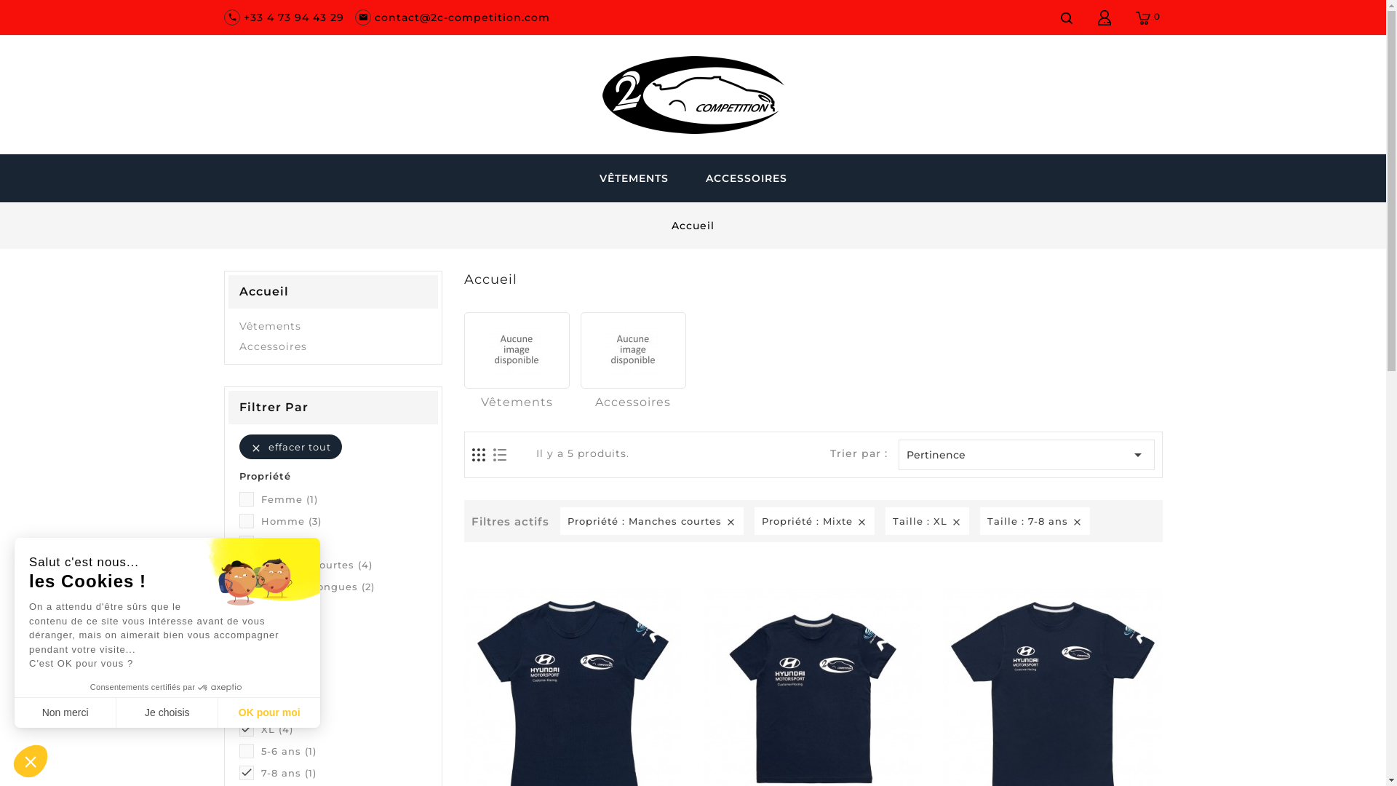 This screenshot has height=786, width=1397. I want to click on 'Accessoires', so click(331, 346).